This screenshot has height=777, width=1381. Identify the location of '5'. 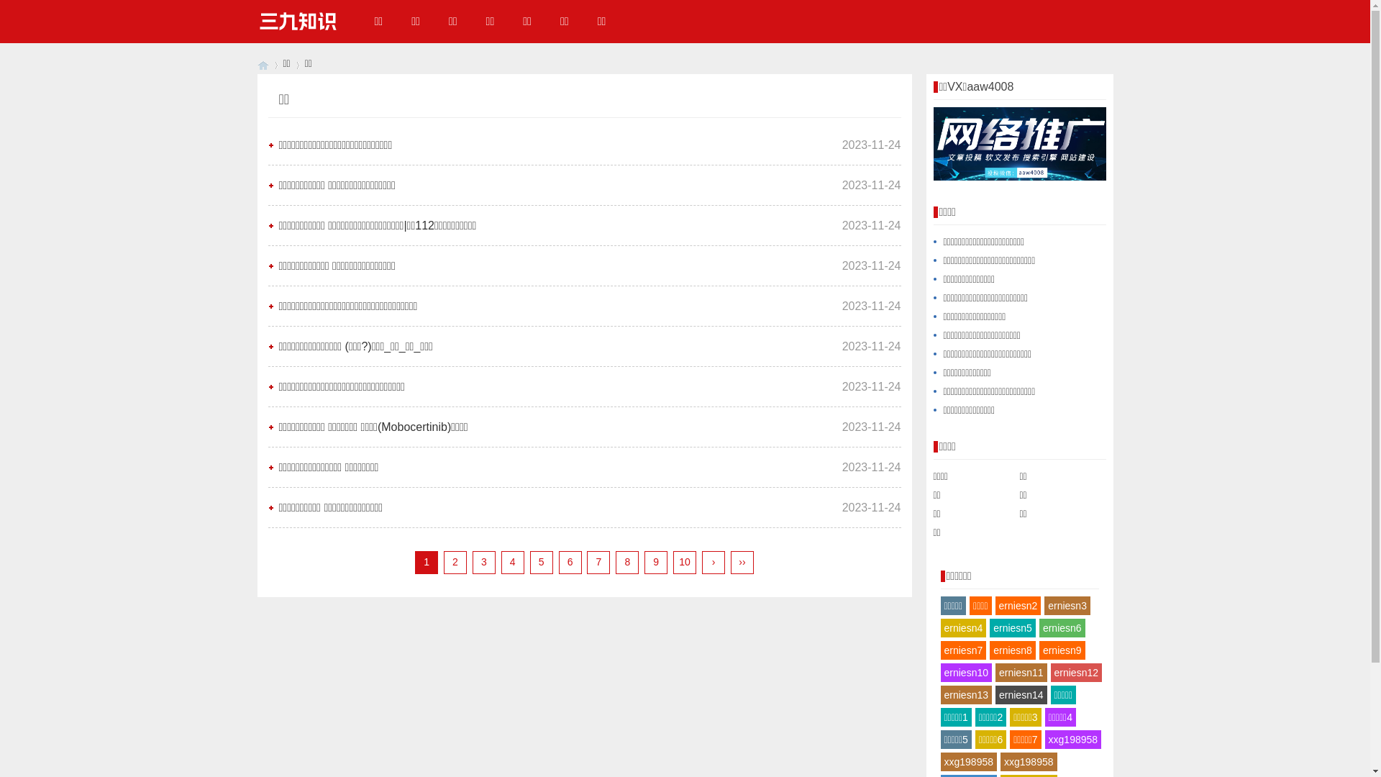
(541, 562).